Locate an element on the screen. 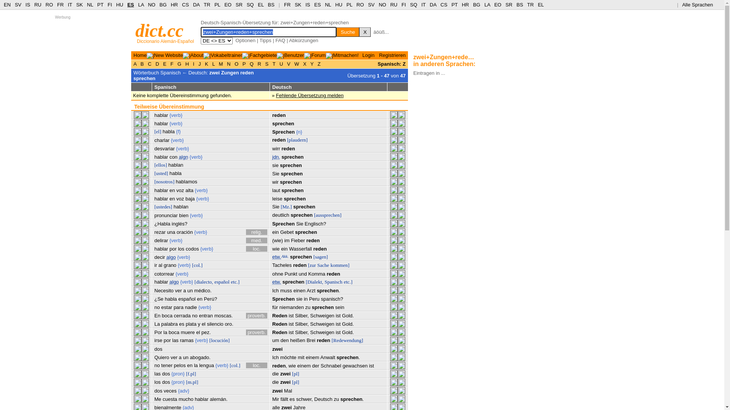  'nadie' is located at coordinates (191, 307).